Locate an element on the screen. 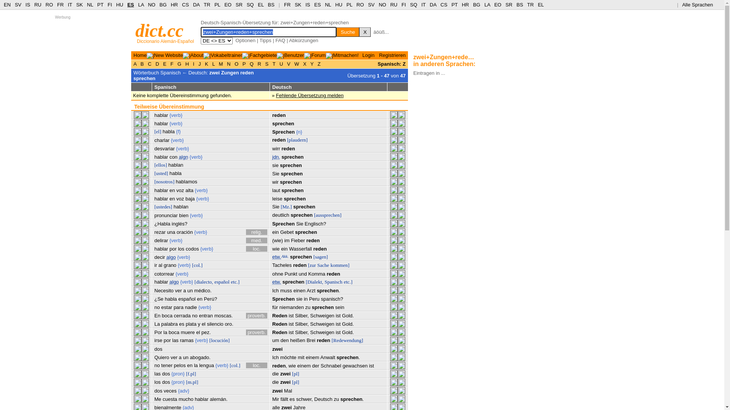  'nadie' is located at coordinates (191, 307).